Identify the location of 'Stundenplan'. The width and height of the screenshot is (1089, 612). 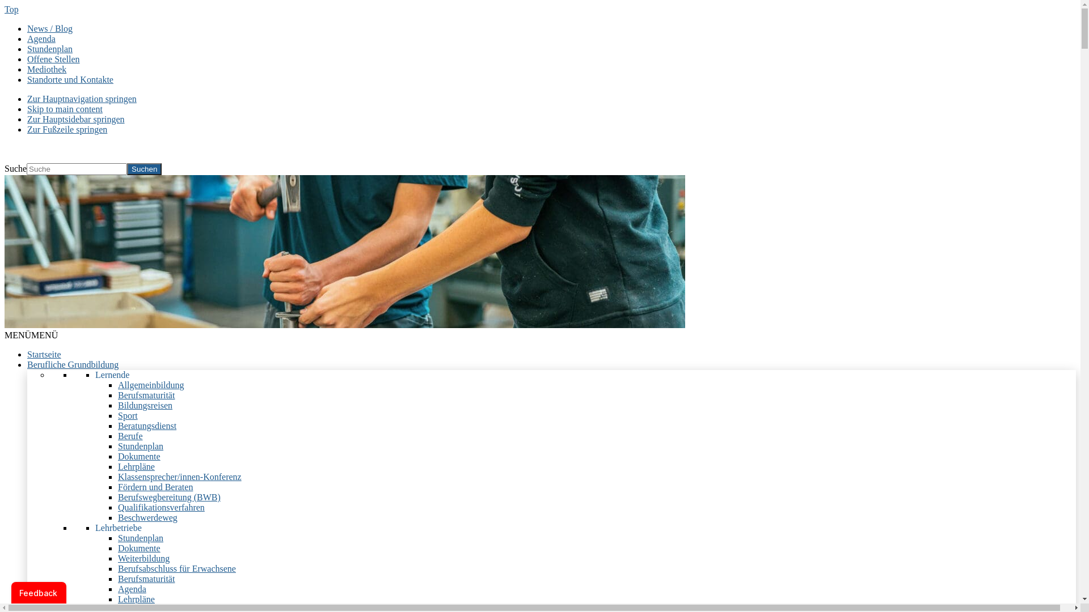
(140, 537).